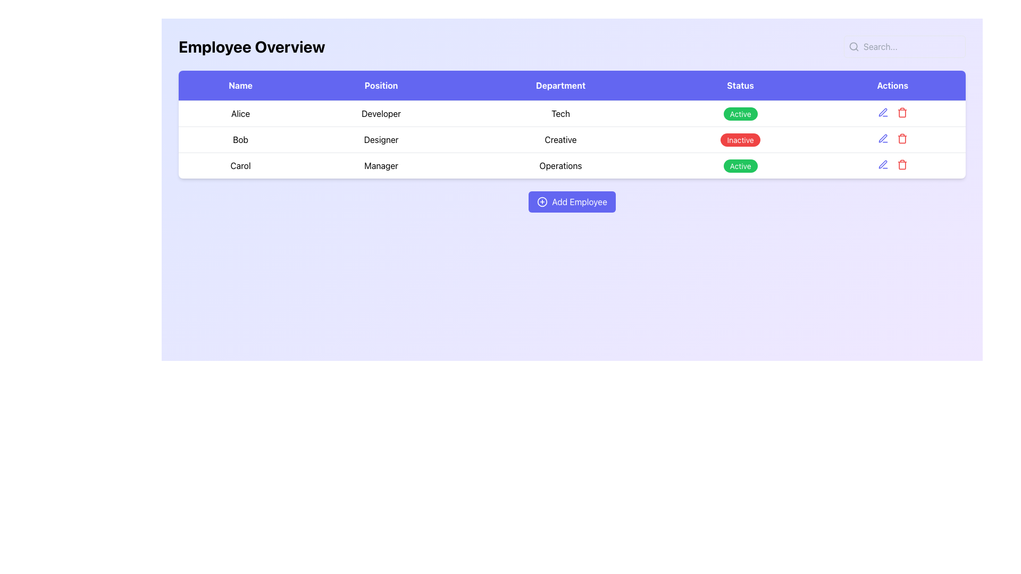 Image resolution: width=1021 pixels, height=574 pixels. Describe the element at coordinates (560, 85) in the screenshot. I see `the 'Department' text label, which is styled in bold sans-serif font and positioned within a blue rectangular header area, located centrally between 'Position' and 'Status'` at that location.